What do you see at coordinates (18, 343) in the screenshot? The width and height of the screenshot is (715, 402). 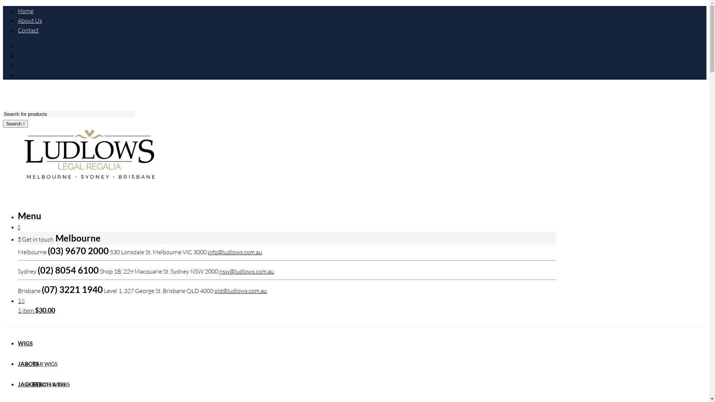 I see `'WIGS'` at bounding box center [18, 343].